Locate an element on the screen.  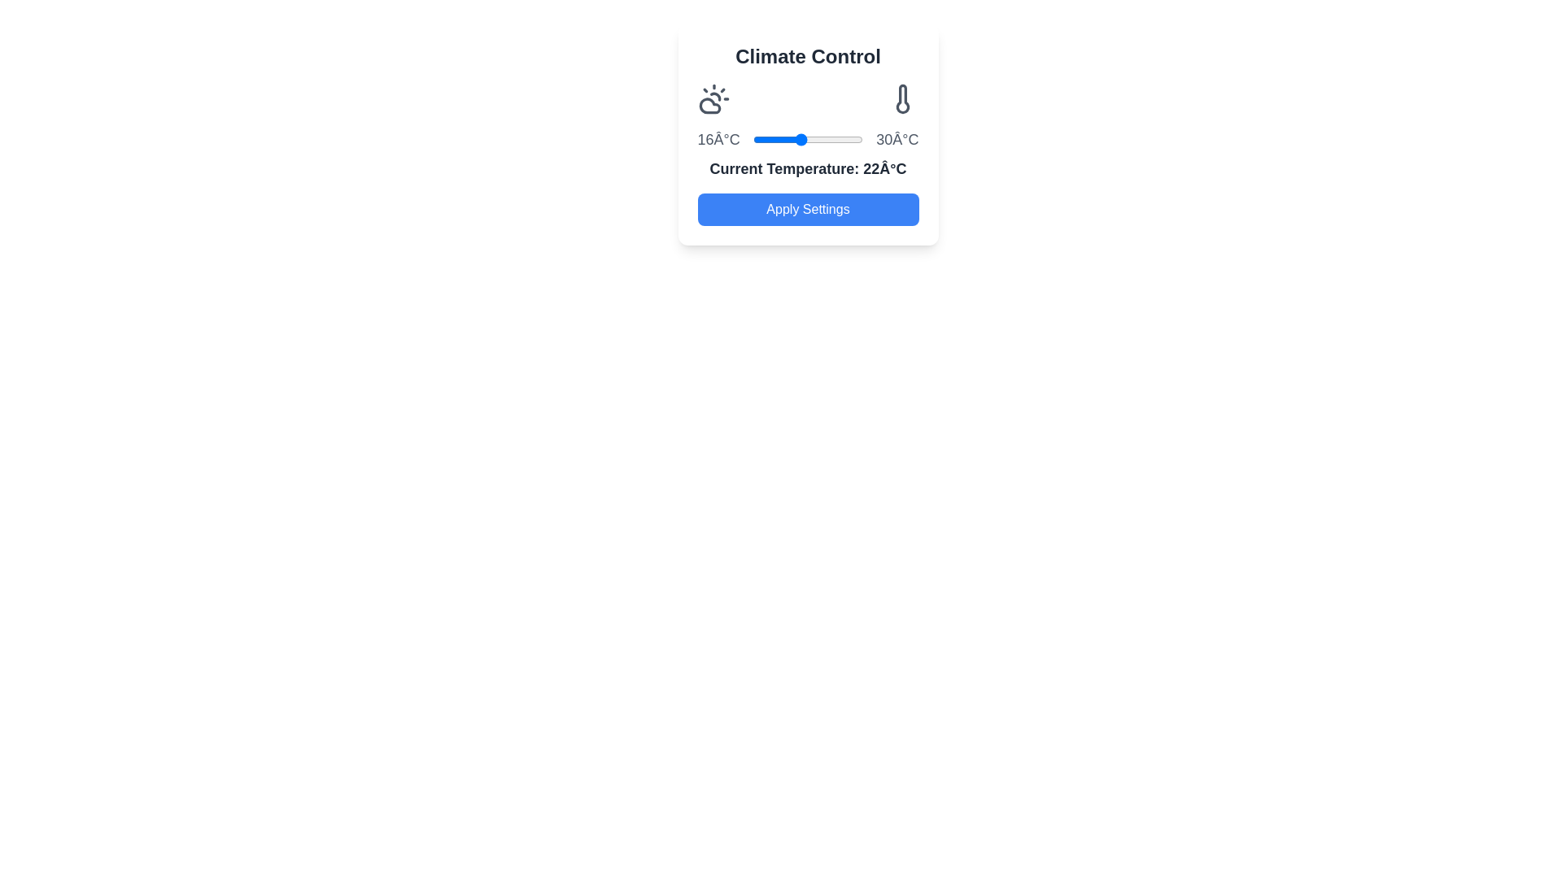
the 'Apply Settings' button, which is a rectangular button with a blue background and white text, located at the bottom of the 'Climate Control' card beneath 'Current Temperature: 22°C' is located at coordinates (808, 209).